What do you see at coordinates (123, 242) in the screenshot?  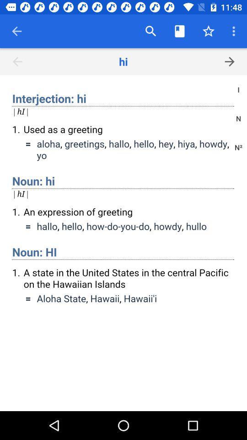 I see `definitions of hi` at bounding box center [123, 242].